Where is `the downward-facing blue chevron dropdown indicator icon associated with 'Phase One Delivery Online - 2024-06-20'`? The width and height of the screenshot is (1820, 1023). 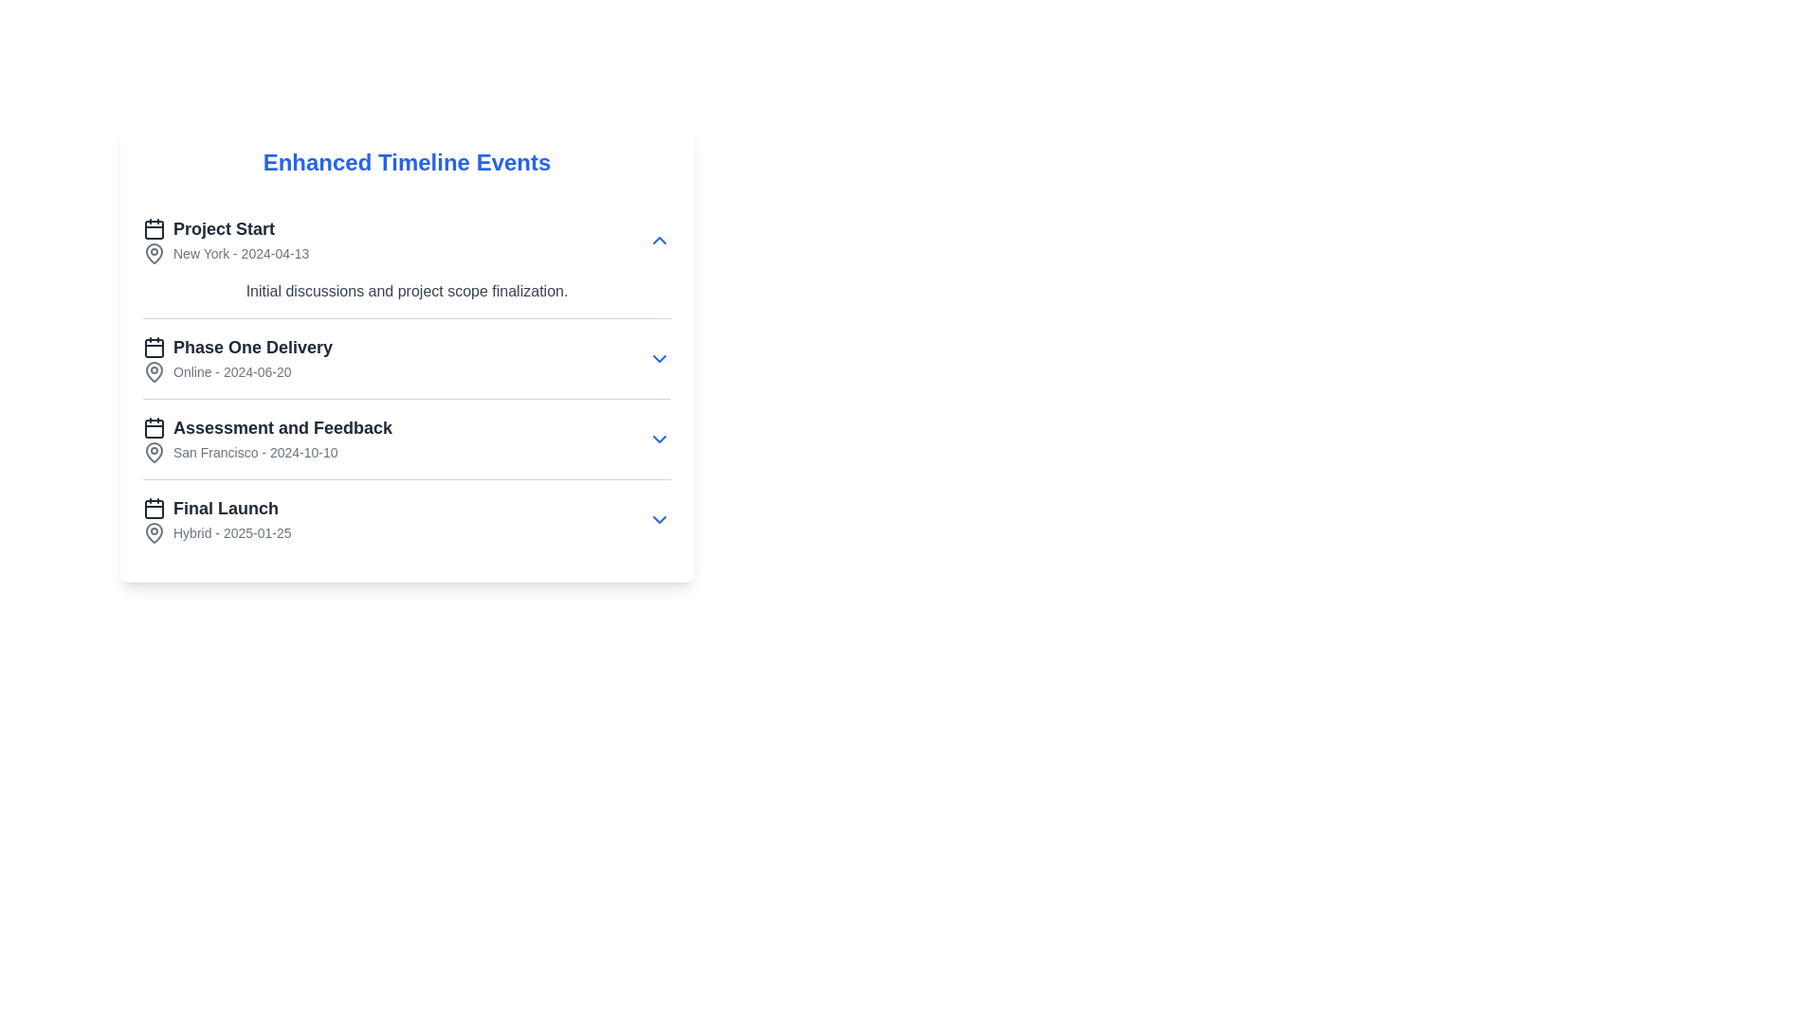
the downward-facing blue chevron dropdown indicator icon associated with 'Phase One Delivery Online - 2024-06-20' is located at coordinates (660, 358).